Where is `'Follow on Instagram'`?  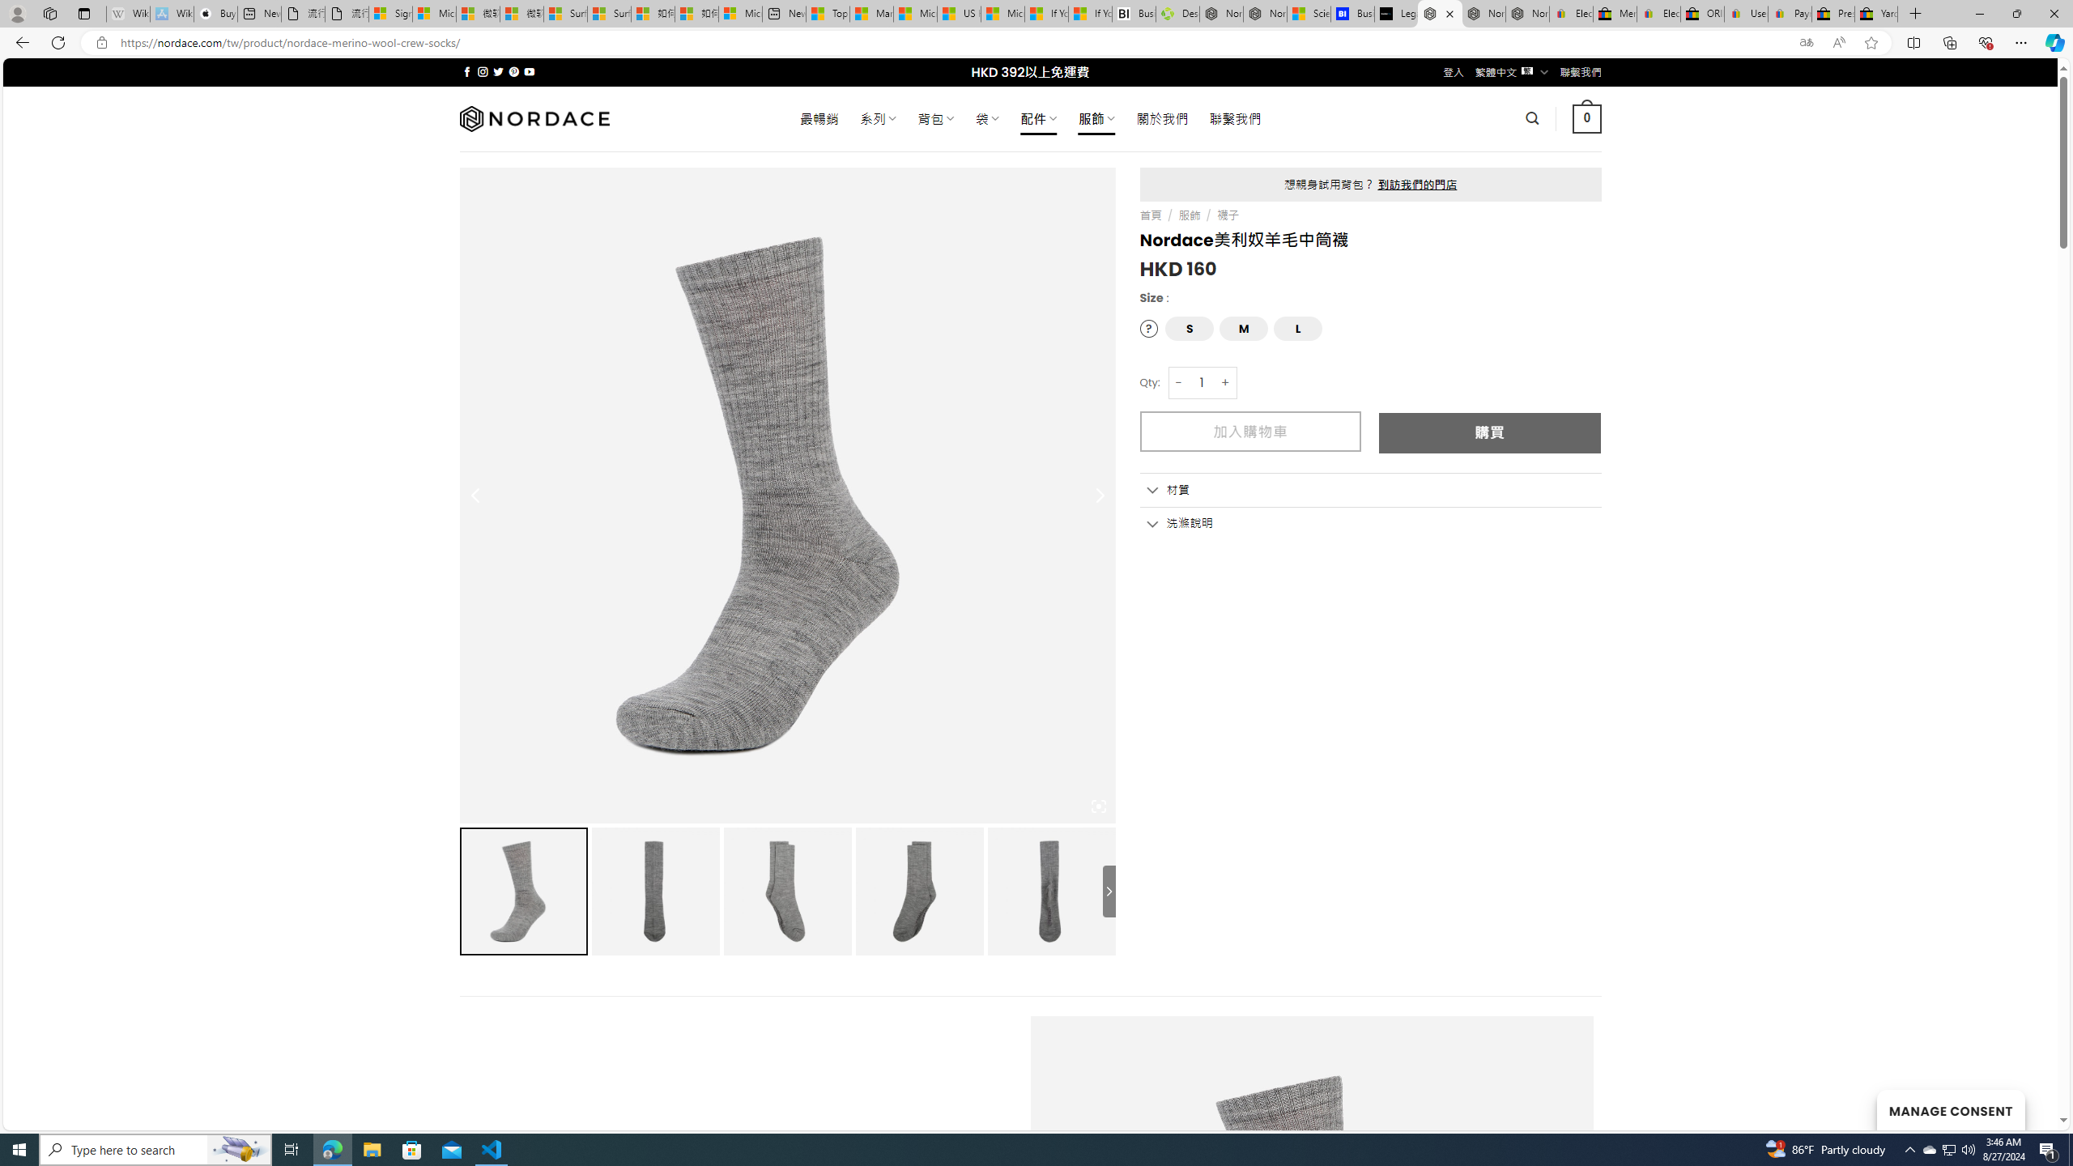
'Follow on Instagram' is located at coordinates (482, 71).